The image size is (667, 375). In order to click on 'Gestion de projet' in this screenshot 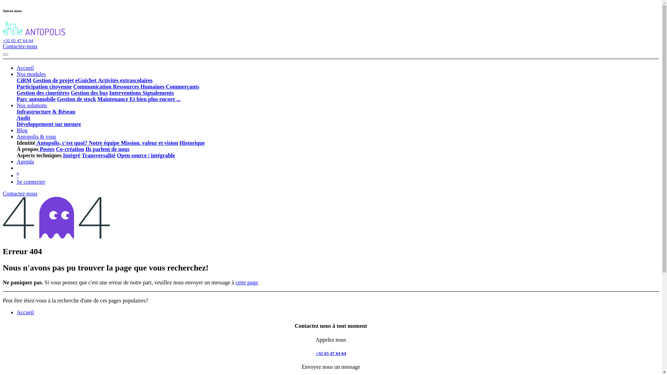, I will do `click(53, 80)`.